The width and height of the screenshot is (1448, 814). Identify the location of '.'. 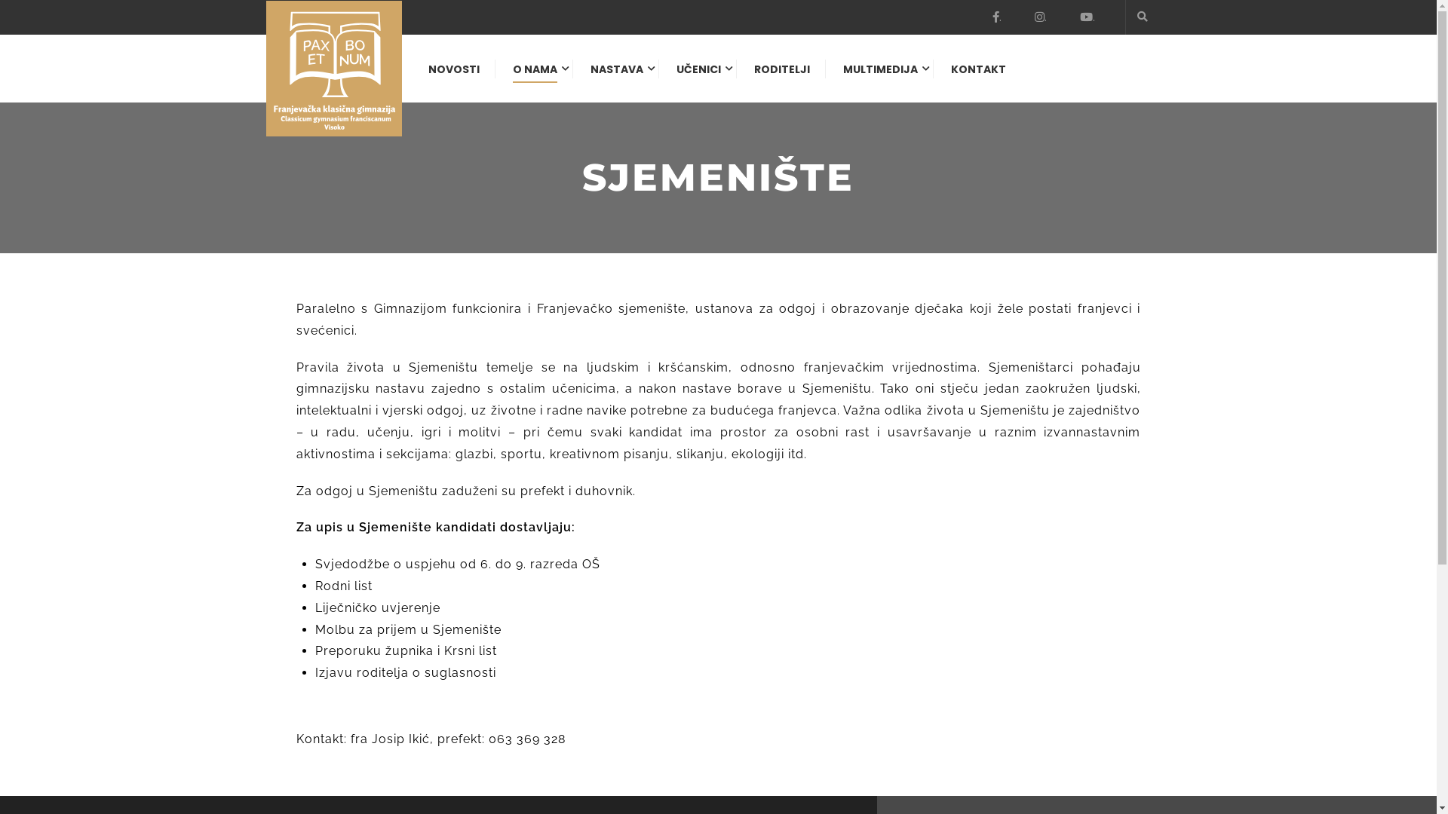
(1087, 17).